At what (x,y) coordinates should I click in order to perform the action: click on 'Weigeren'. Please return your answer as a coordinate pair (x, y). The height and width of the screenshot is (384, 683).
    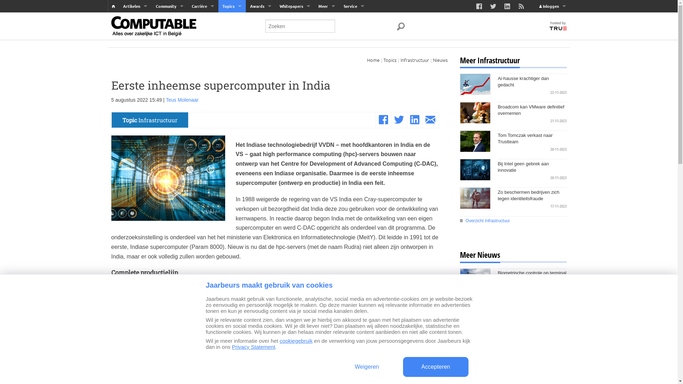
    Looking at the image, I should click on (367, 367).